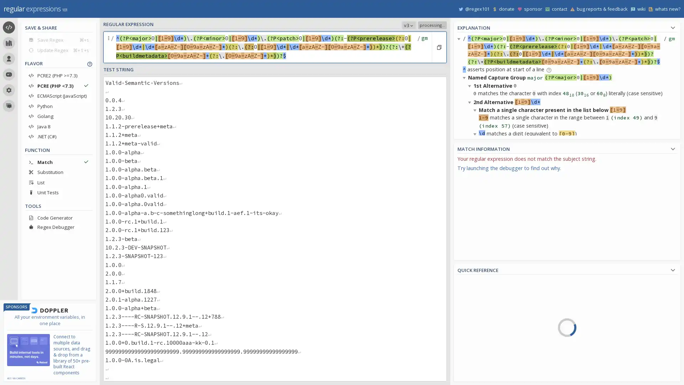 The width and height of the screenshot is (684, 385). What do you see at coordinates (476, 280) in the screenshot?
I see `Match 3` at bounding box center [476, 280].